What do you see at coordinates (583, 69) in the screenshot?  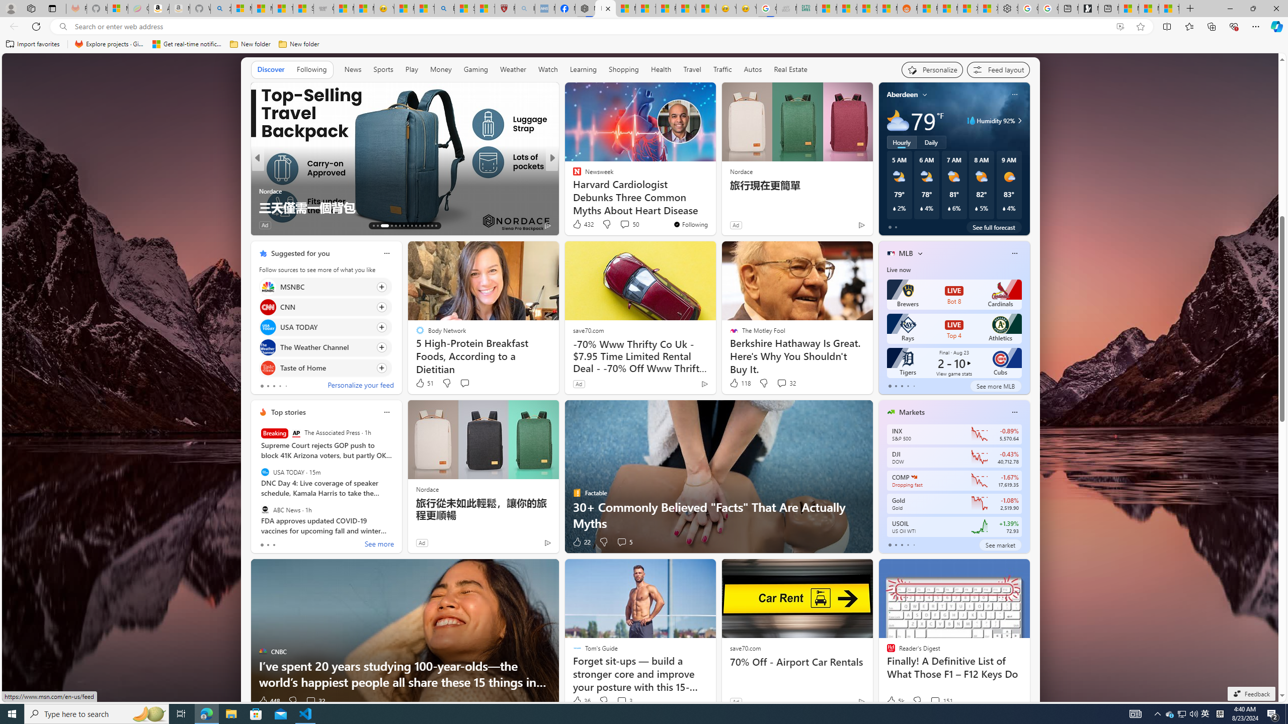 I see `'Learning'` at bounding box center [583, 69].